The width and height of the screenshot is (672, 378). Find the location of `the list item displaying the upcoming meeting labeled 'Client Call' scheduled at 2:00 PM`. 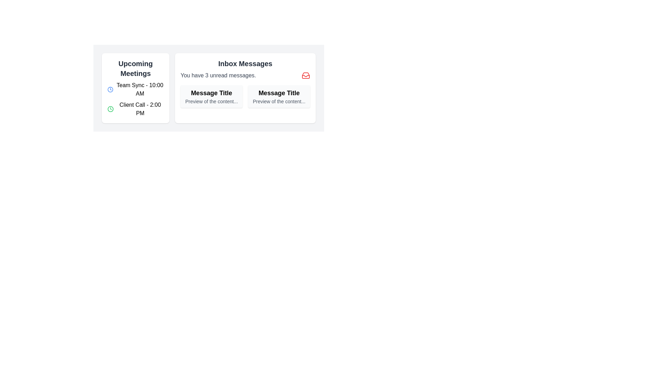

the list item displaying the upcoming meeting labeled 'Client Call' scheduled at 2:00 PM is located at coordinates (135, 109).